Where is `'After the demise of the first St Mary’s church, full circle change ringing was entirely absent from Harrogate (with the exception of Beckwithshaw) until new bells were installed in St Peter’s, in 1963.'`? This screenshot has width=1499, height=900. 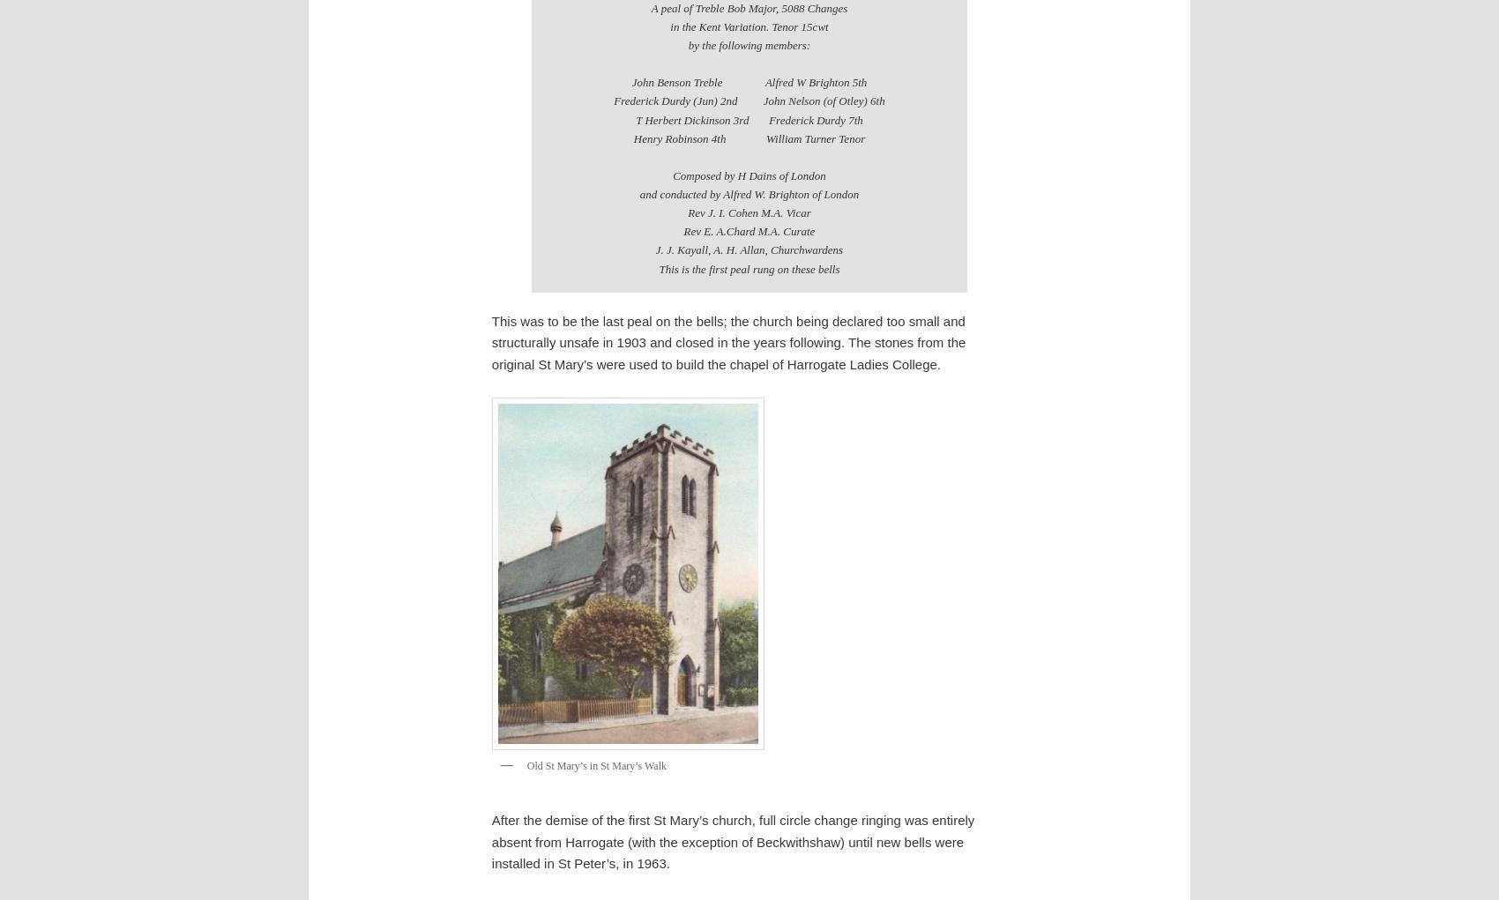 'After the demise of the first St Mary’s church, full circle change ringing was entirely absent from Harrogate (with the exception of Beckwithshaw) until new bells were installed in St Peter’s, in 1963.' is located at coordinates (731, 840).